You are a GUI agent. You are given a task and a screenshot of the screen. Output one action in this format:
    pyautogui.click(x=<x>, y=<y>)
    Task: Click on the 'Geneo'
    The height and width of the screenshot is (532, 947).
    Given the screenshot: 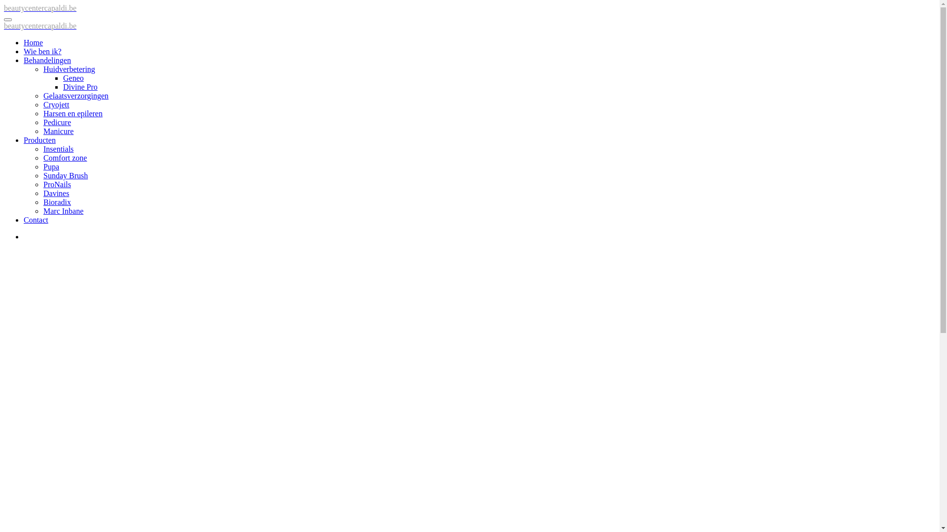 What is the action you would take?
    pyautogui.click(x=73, y=77)
    